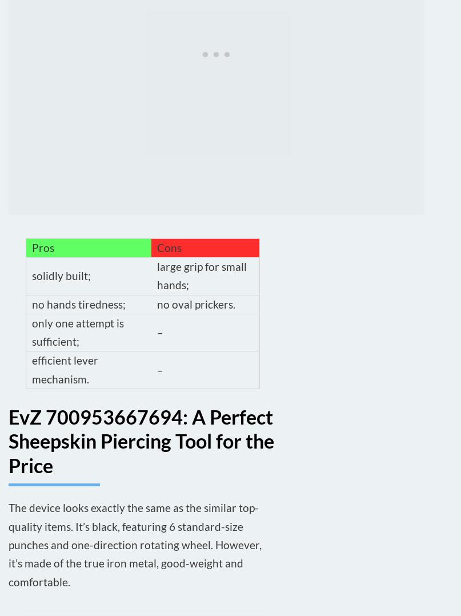 The image size is (461, 616). I want to click on 'EvZ 700953667694: A Perfect Sheepskin Piercing Tool for the Price', so click(141, 440).